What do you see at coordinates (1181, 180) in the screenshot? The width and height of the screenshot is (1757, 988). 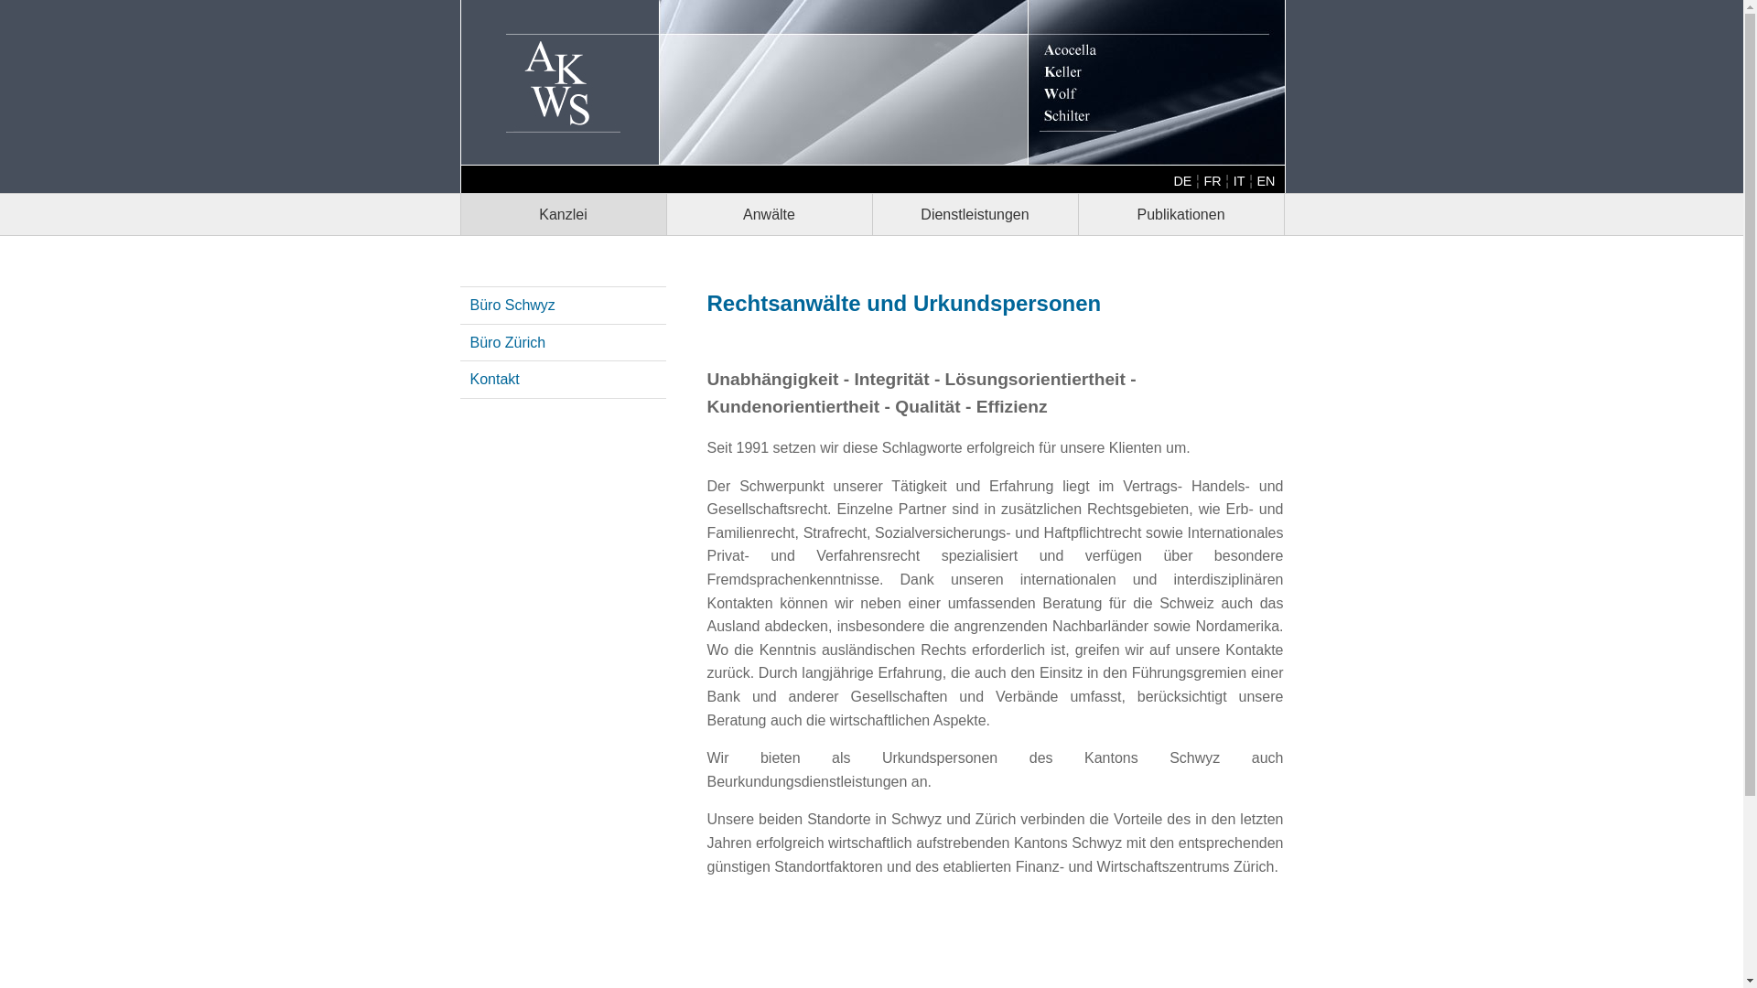 I see `'DE'` at bounding box center [1181, 180].